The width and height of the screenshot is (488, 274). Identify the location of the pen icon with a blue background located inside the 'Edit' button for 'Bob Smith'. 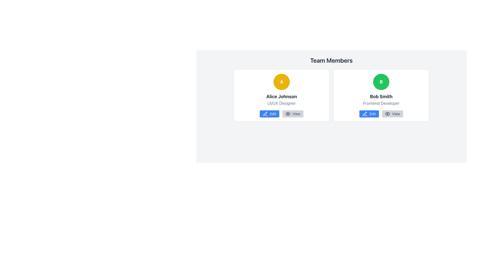
(265, 113).